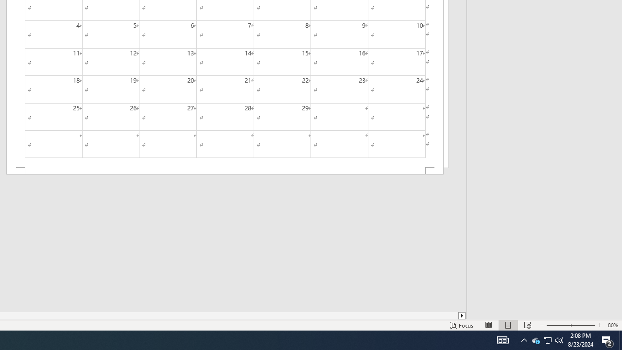  What do you see at coordinates (462, 315) in the screenshot?
I see `'Column right'` at bounding box center [462, 315].